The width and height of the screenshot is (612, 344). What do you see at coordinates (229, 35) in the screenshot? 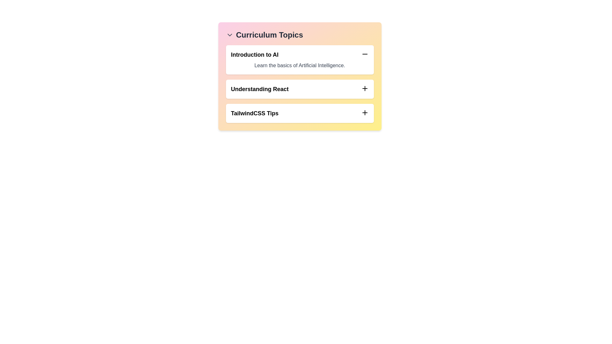
I see `the chevron icon next to 'Curriculum Topics' to toggle the list visibility` at bounding box center [229, 35].